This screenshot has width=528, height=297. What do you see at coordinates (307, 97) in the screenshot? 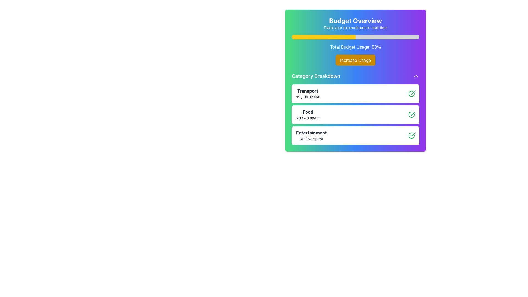
I see `the text display that shows the budget utilization for the 'Transport' category, located under the 'Category Breakdown' section` at bounding box center [307, 97].